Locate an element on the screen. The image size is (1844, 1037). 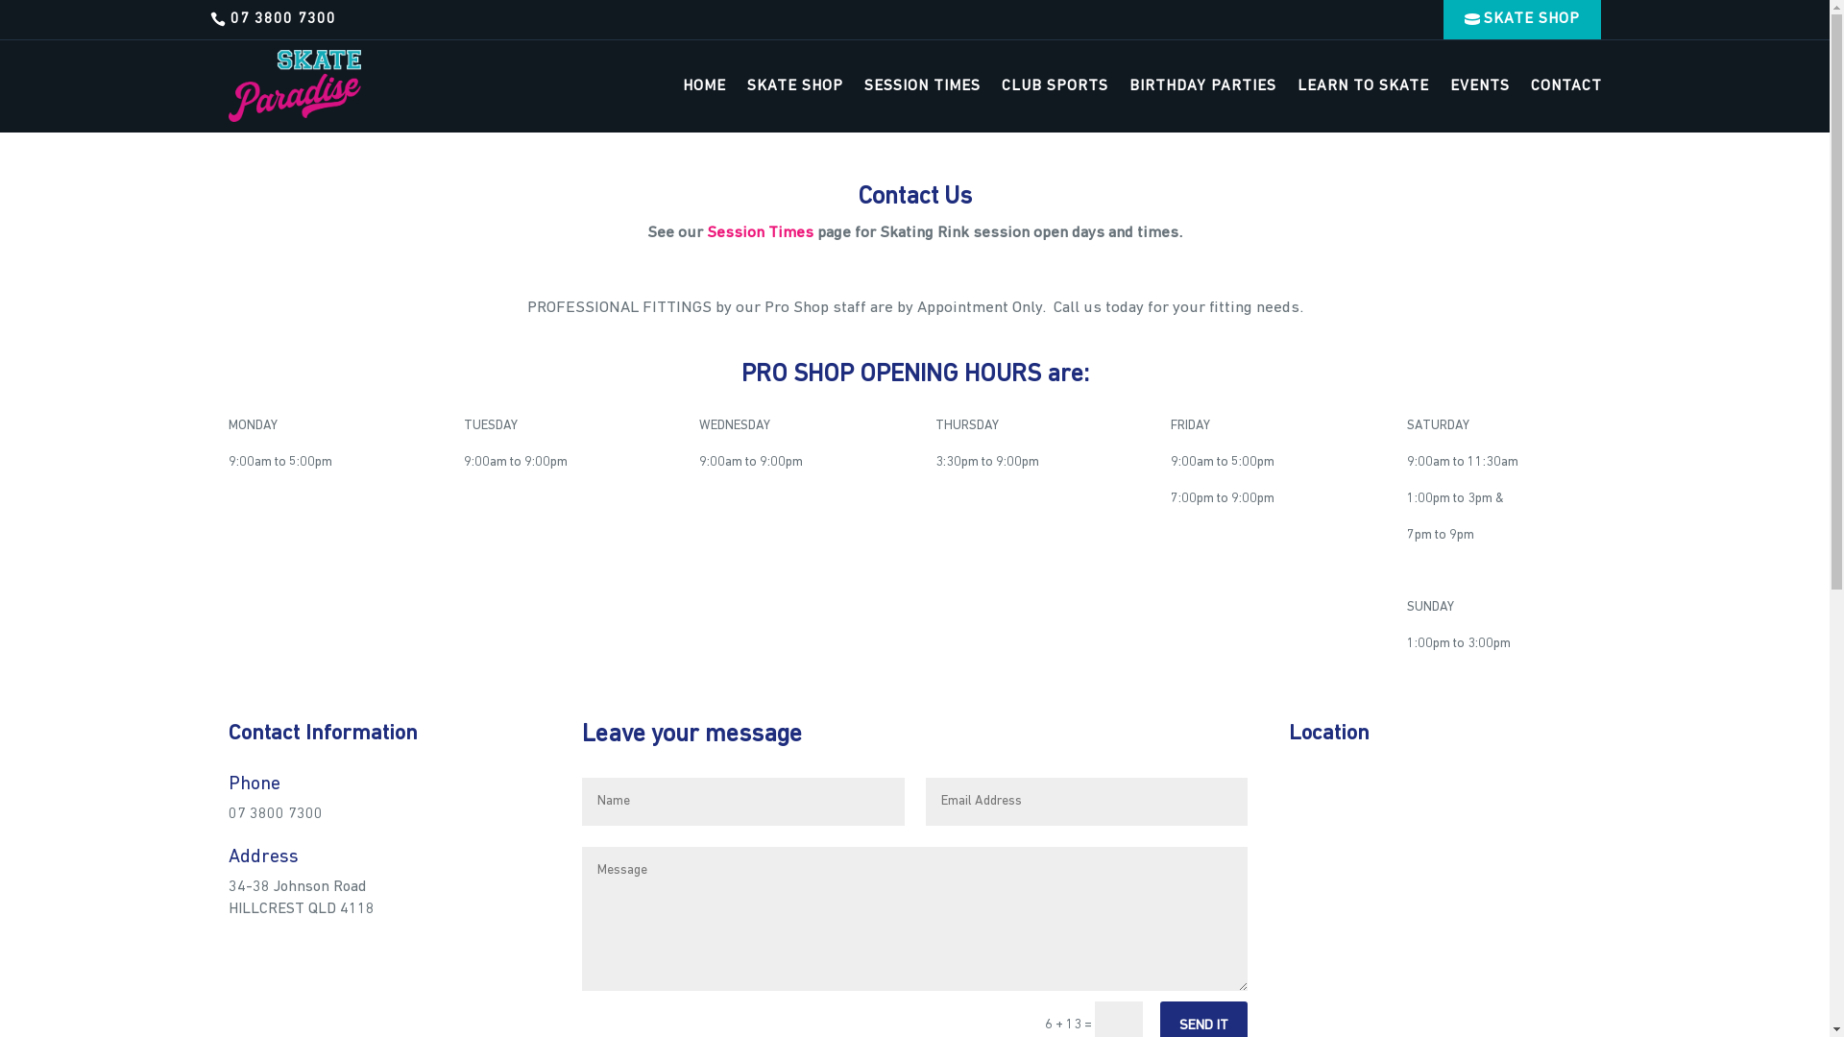
'BIRTHDAY PARTIES' is located at coordinates (1201, 84).